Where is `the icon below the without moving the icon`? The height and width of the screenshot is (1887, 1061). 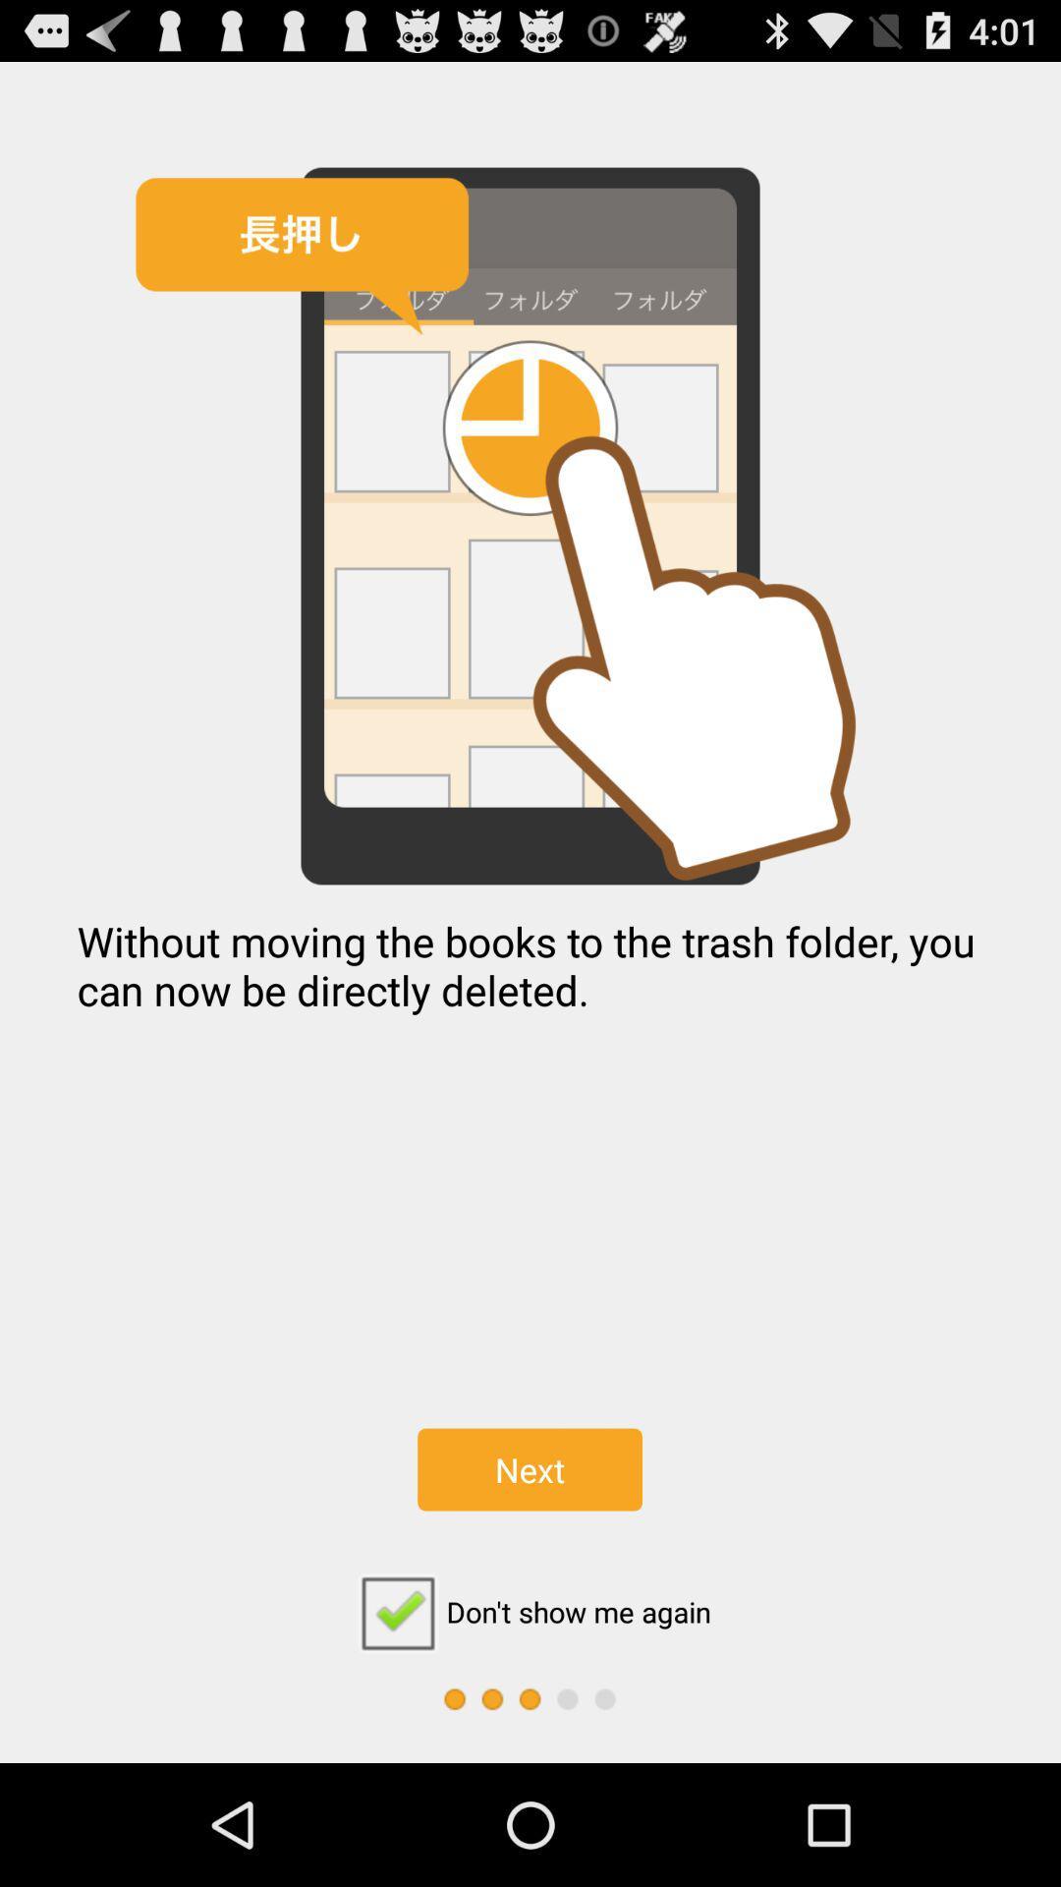 the icon below the without moving the icon is located at coordinates (529, 1469).